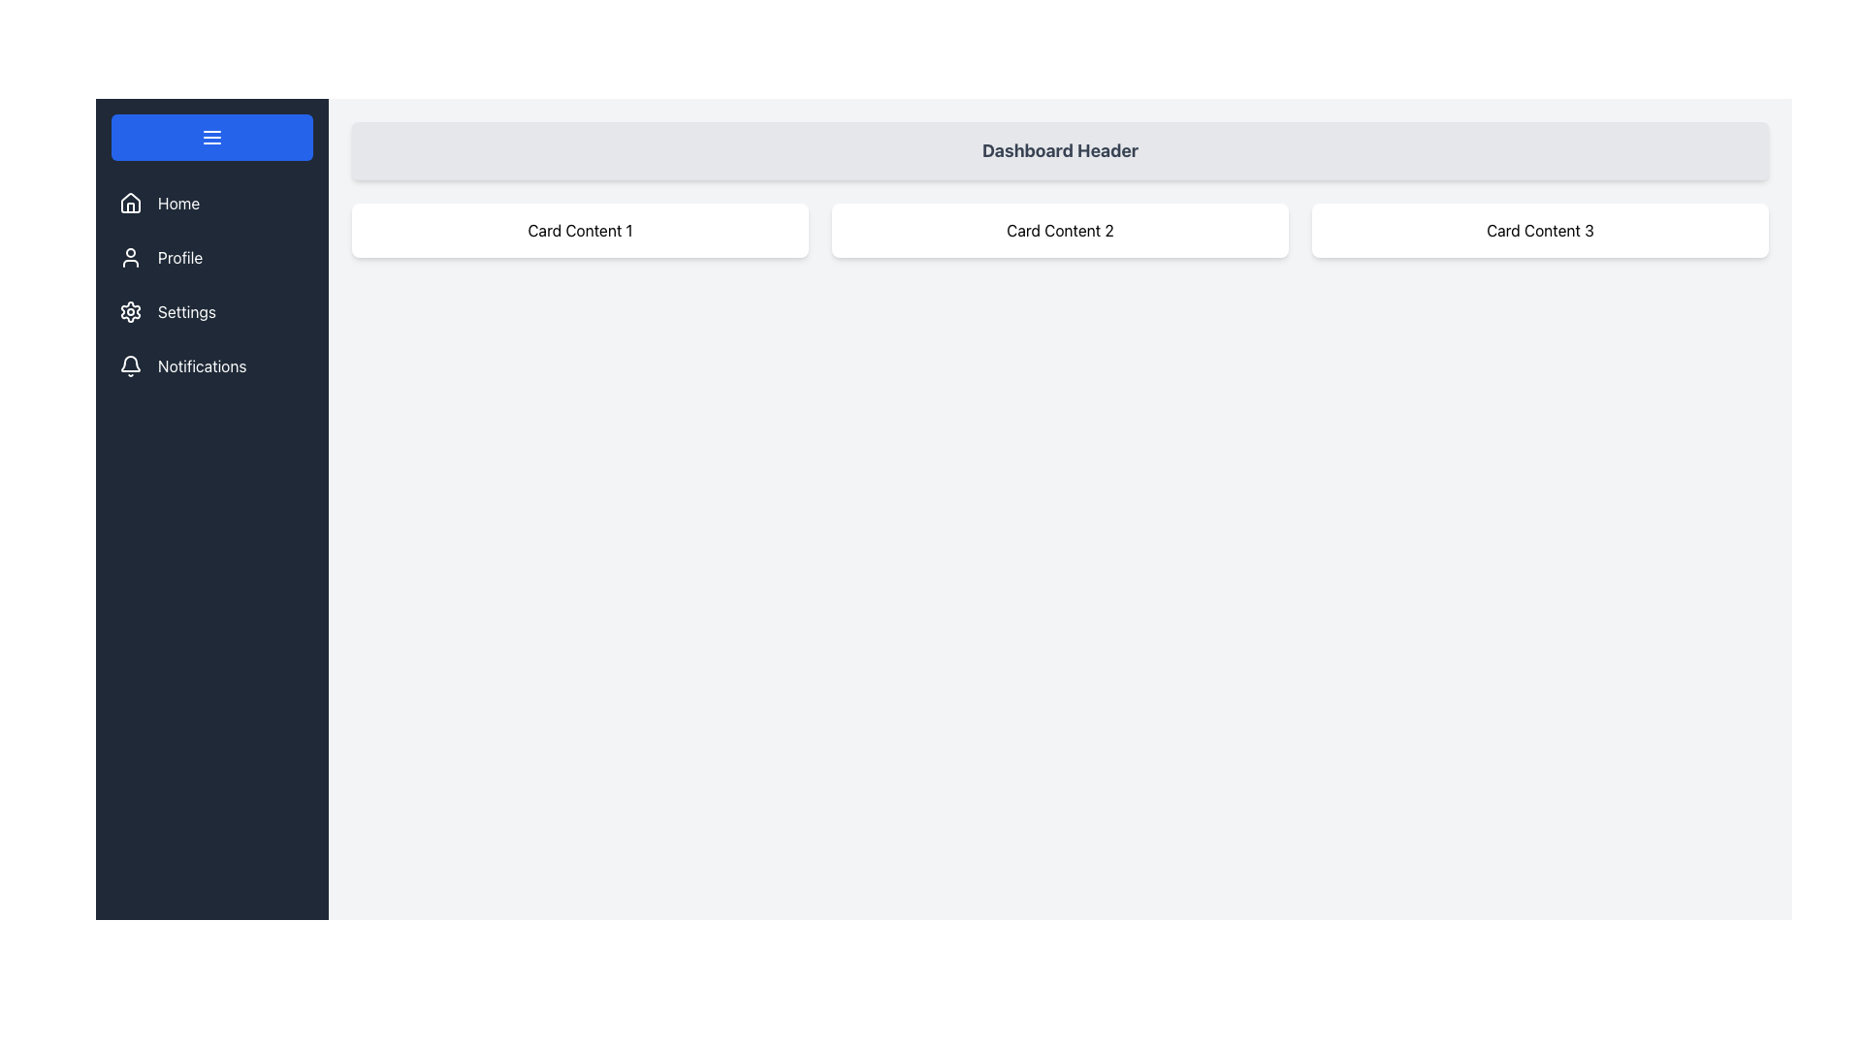  Describe the element at coordinates (1539, 230) in the screenshot. I see `content displayed on the informational card with text 'Card Content 3', located in the top-right part of the grid layout` at that location.